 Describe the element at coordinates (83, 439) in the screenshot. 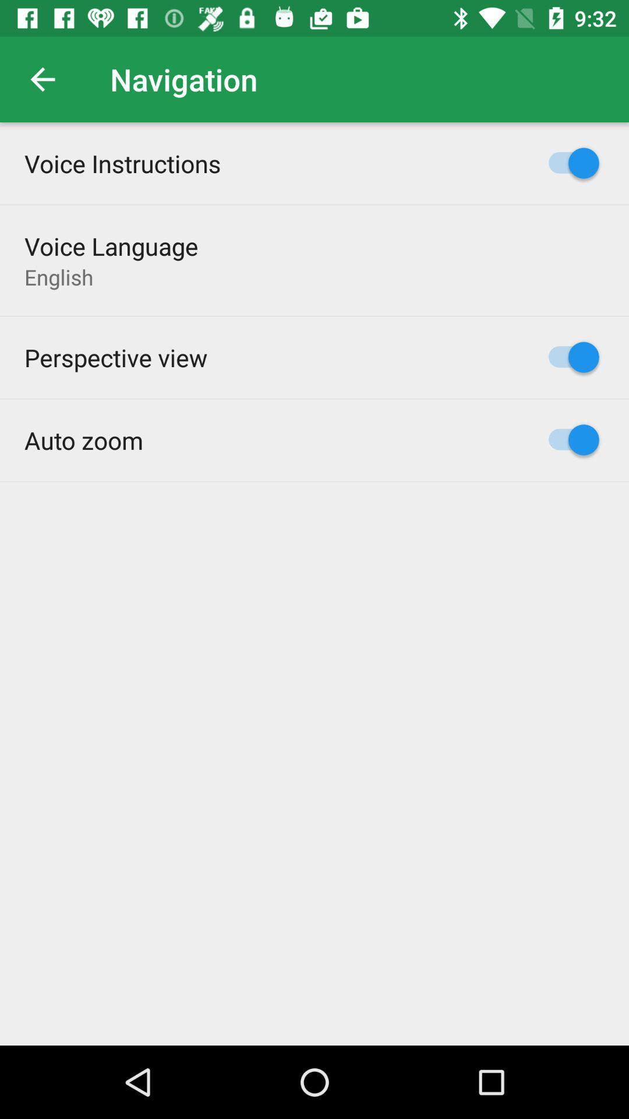

I see `auto zoom item` at that location.